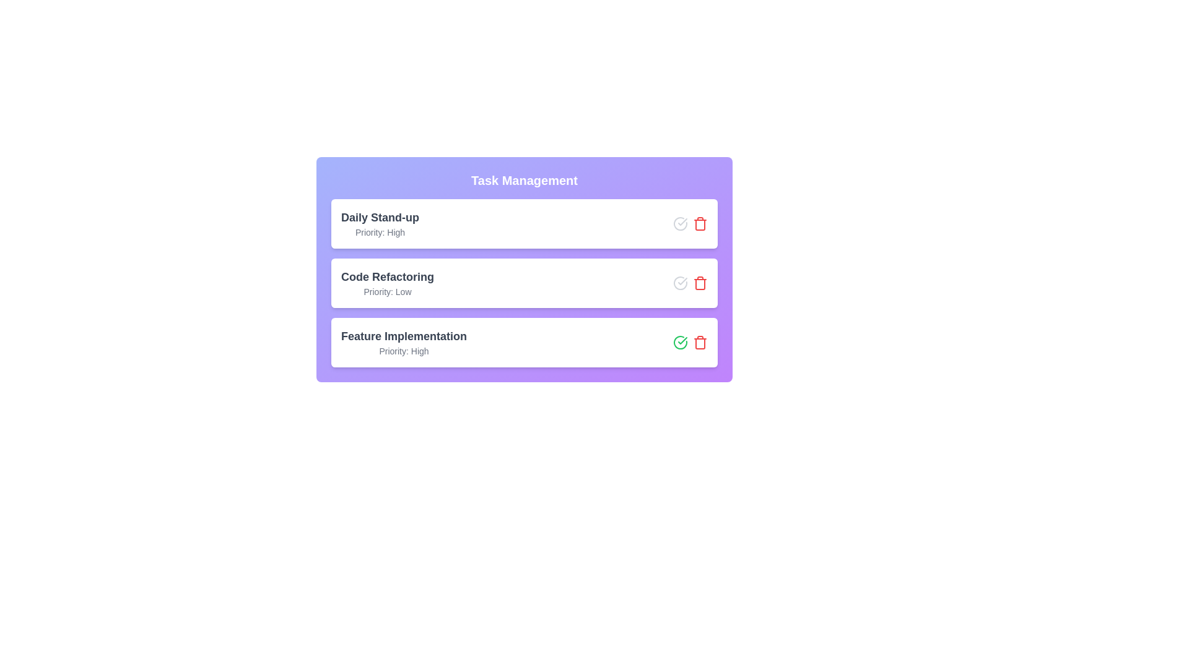 The image size is (1189, 668). What do you see at coordinates (404, 336) in the screenshot?
I see `the task title Feature Implementation by clicking on it` at bounding box center [404, 336].